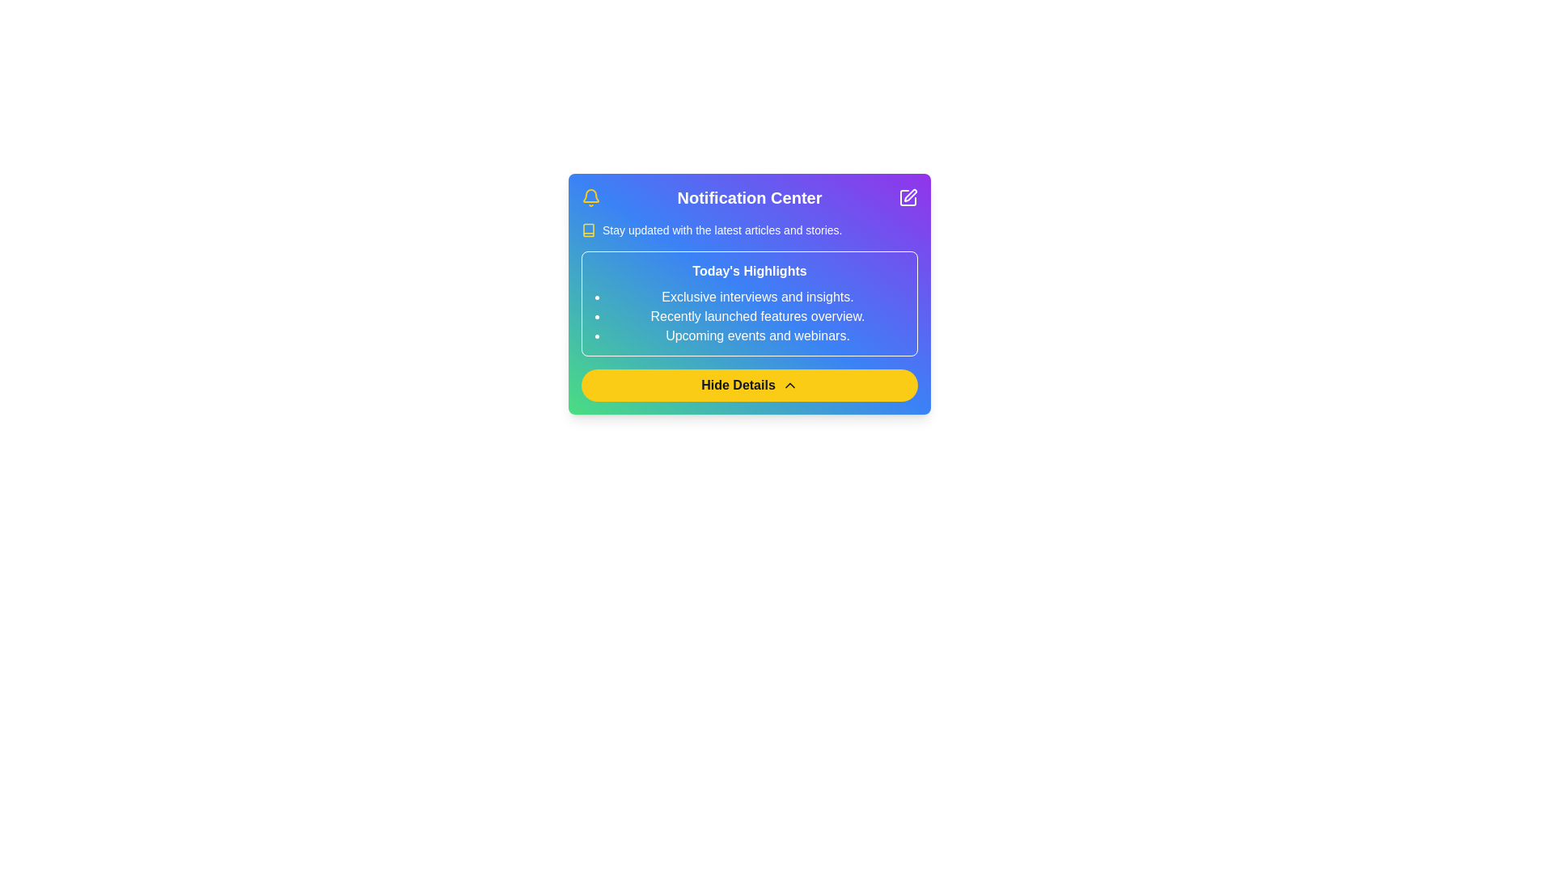 This screenshot has height=873, width=1553. I want to click on the book icon, which is yellowish and outlined, located to the left of the text 'Stay updated with the latest articles and stories' in the Notification Center section, so click(588, 230).